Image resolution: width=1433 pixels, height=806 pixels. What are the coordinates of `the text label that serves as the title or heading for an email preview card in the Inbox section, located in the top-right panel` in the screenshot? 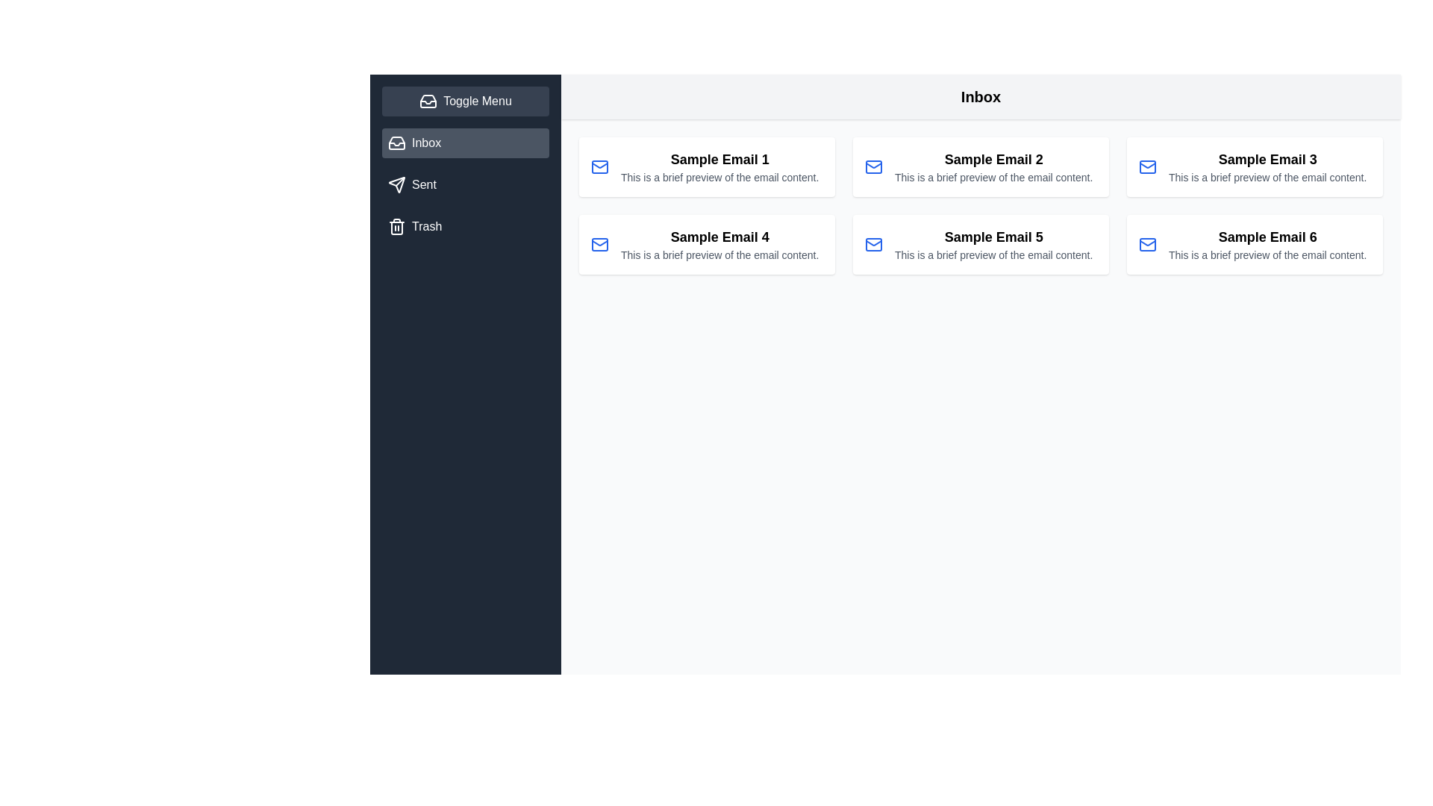 It's located at (1267, 159).